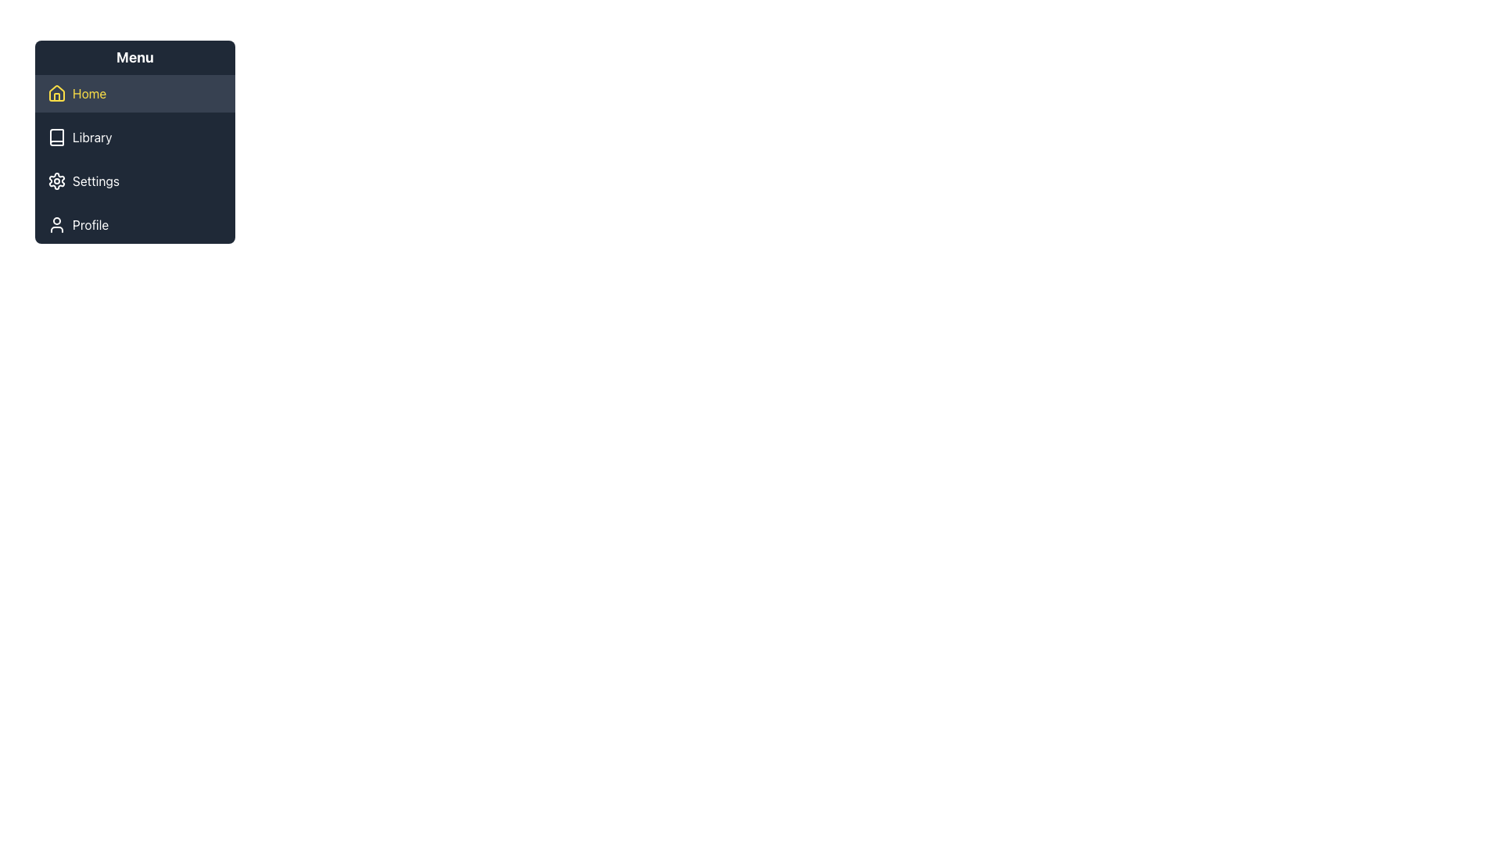 The width and height of the screenshot is (1501, 844). What do you see at coordinates (90, 225) in the screenshot?
I see `the text 'Profile' in the menu list` at bounding box center [90, 225].